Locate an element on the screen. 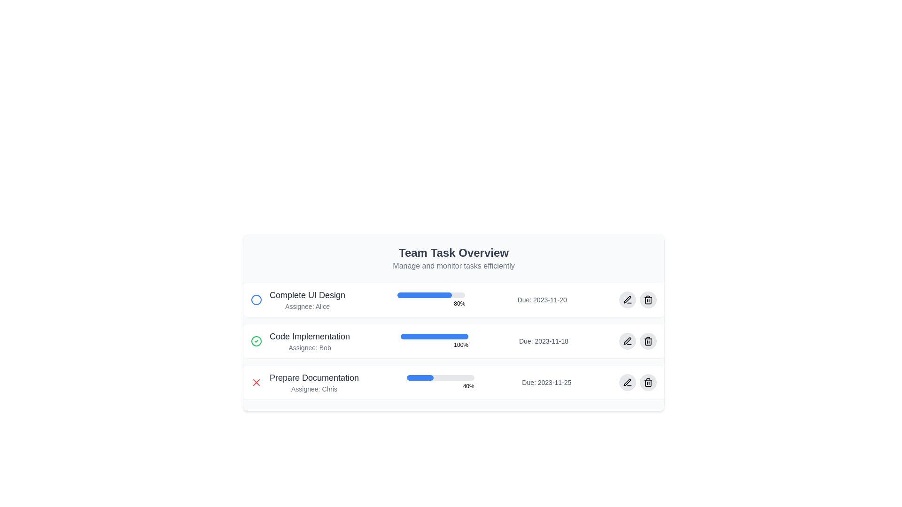  the stylized pen icon button located to the right of the task's progress bar in the task management interface is located at coordinates (627, 341).